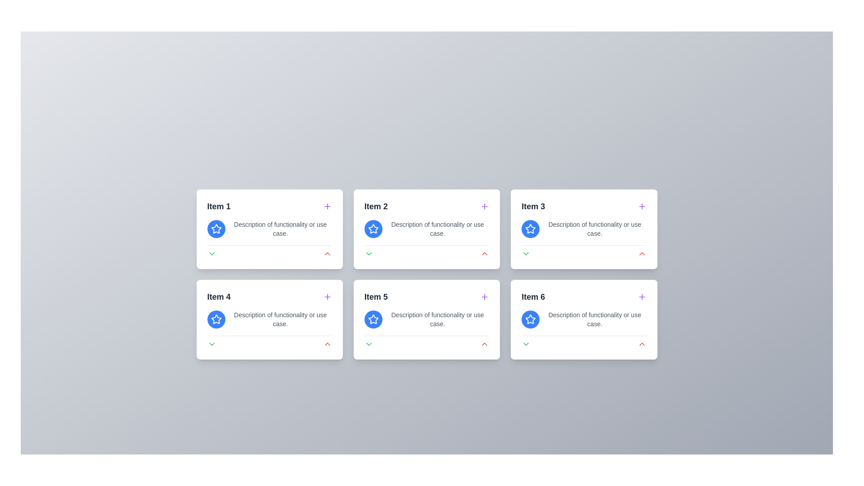  I want to click on the text label displaying 'Item 2', so click(376, 207).